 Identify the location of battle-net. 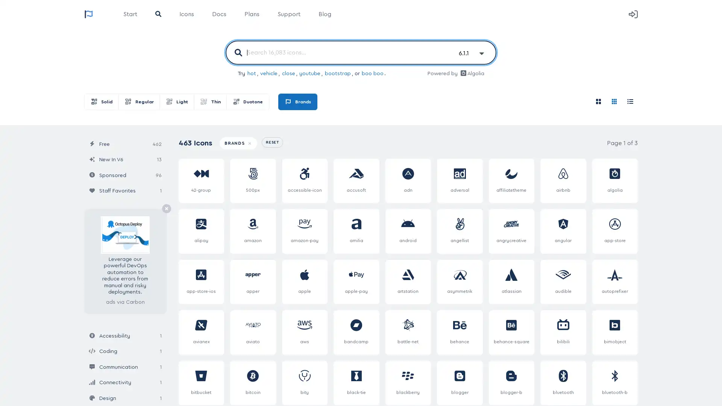
(407, 337).